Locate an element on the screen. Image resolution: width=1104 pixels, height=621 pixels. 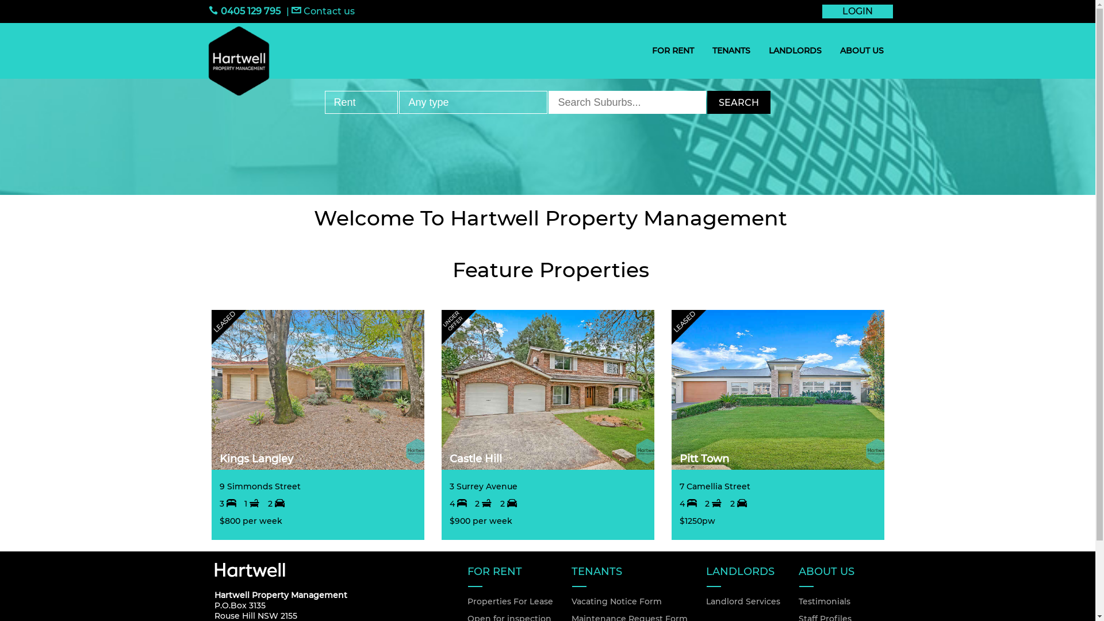
'LANDLORDS' is located at coordinates (743, 574).